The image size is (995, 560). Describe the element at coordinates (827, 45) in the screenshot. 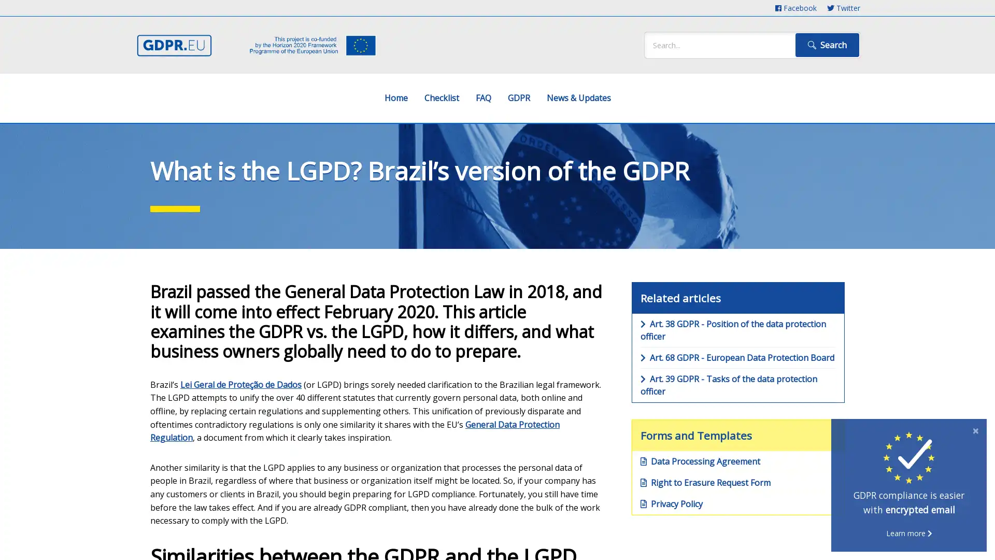

I see `Search` at that location.